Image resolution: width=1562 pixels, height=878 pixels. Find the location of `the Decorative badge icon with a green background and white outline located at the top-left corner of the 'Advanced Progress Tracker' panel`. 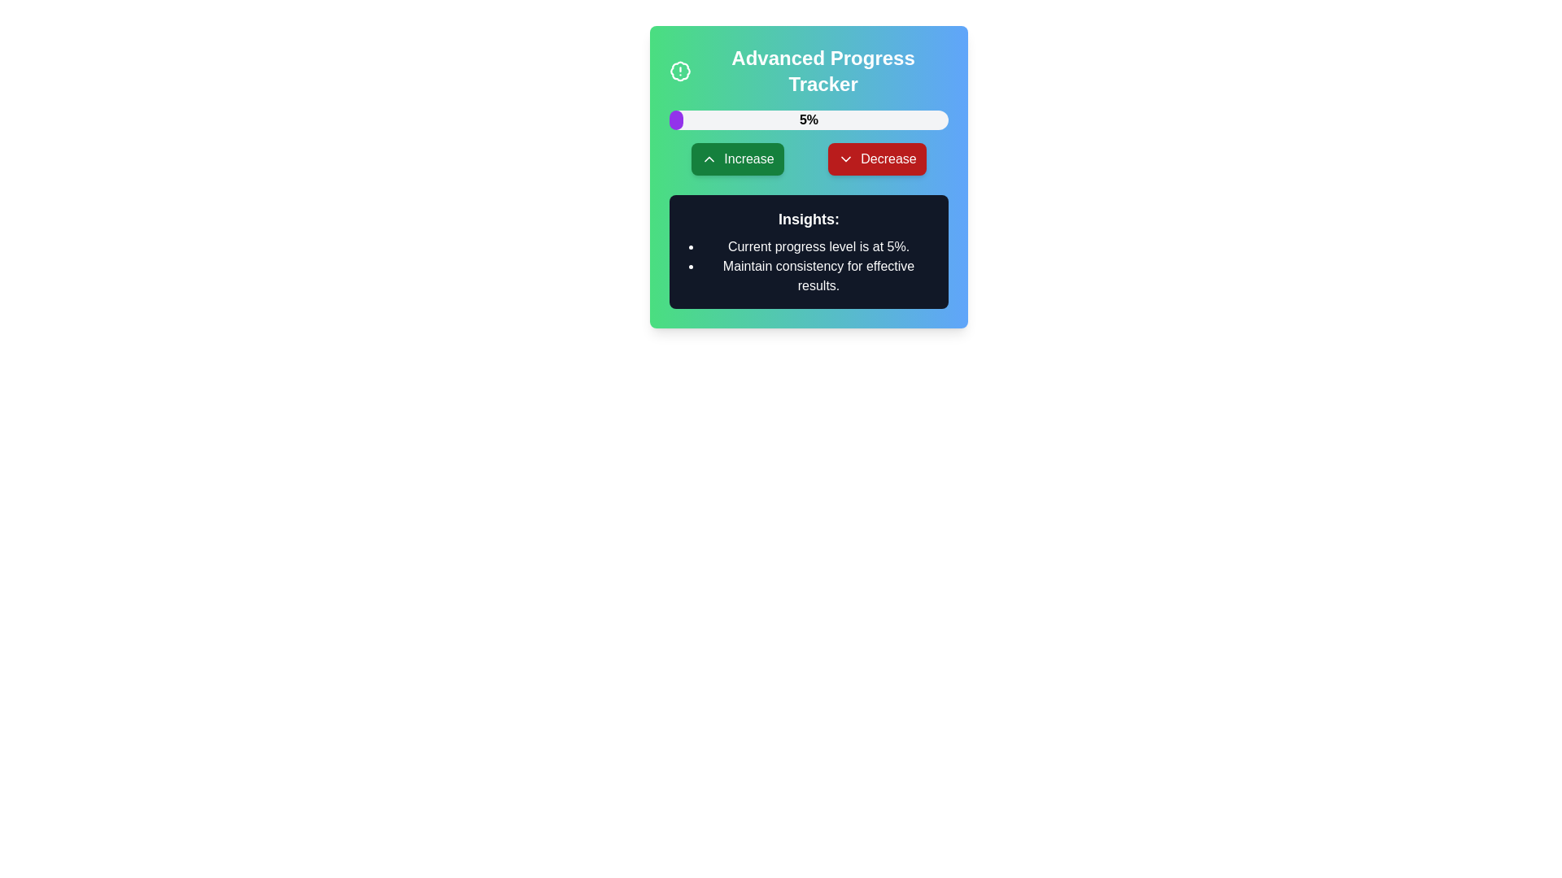

the Decorative badge icon with a green background and white outline located at the top-left corner of the 'Advanced Progress Tracker' panel is located at coordinates (680, 71).